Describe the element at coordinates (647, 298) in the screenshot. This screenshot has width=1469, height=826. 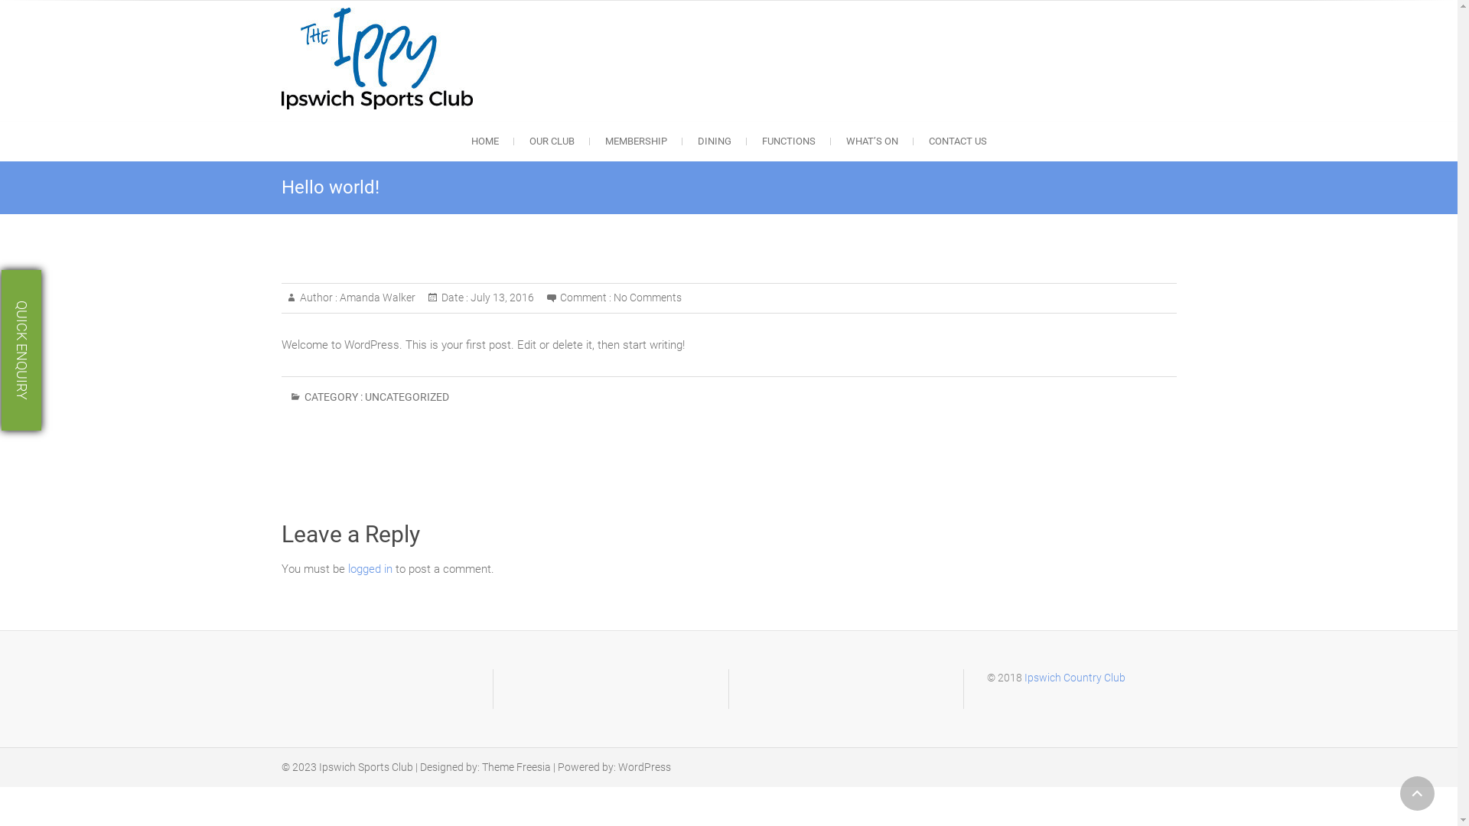
I see `'No Comments'` at that location.